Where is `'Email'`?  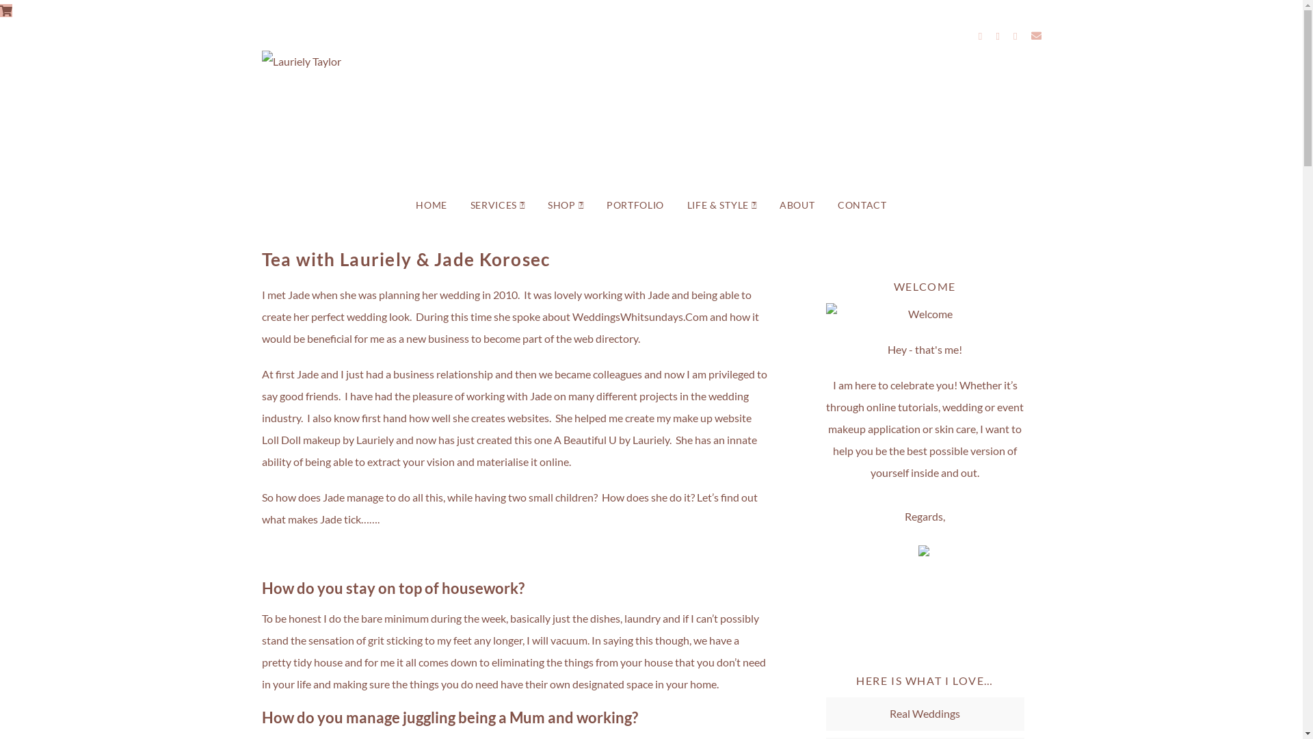 'Email' is located at coordinates (1031, 35).